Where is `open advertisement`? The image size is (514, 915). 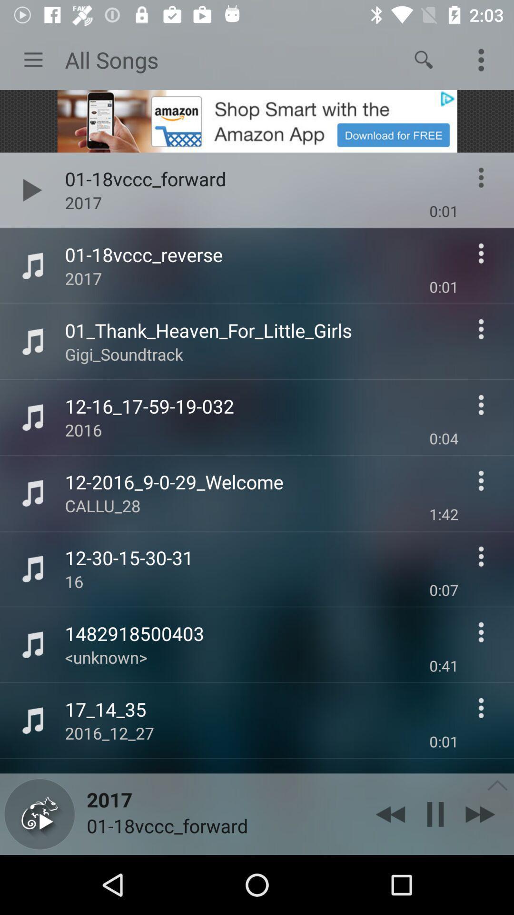 open advertisement is located at coordinates (257, 121).